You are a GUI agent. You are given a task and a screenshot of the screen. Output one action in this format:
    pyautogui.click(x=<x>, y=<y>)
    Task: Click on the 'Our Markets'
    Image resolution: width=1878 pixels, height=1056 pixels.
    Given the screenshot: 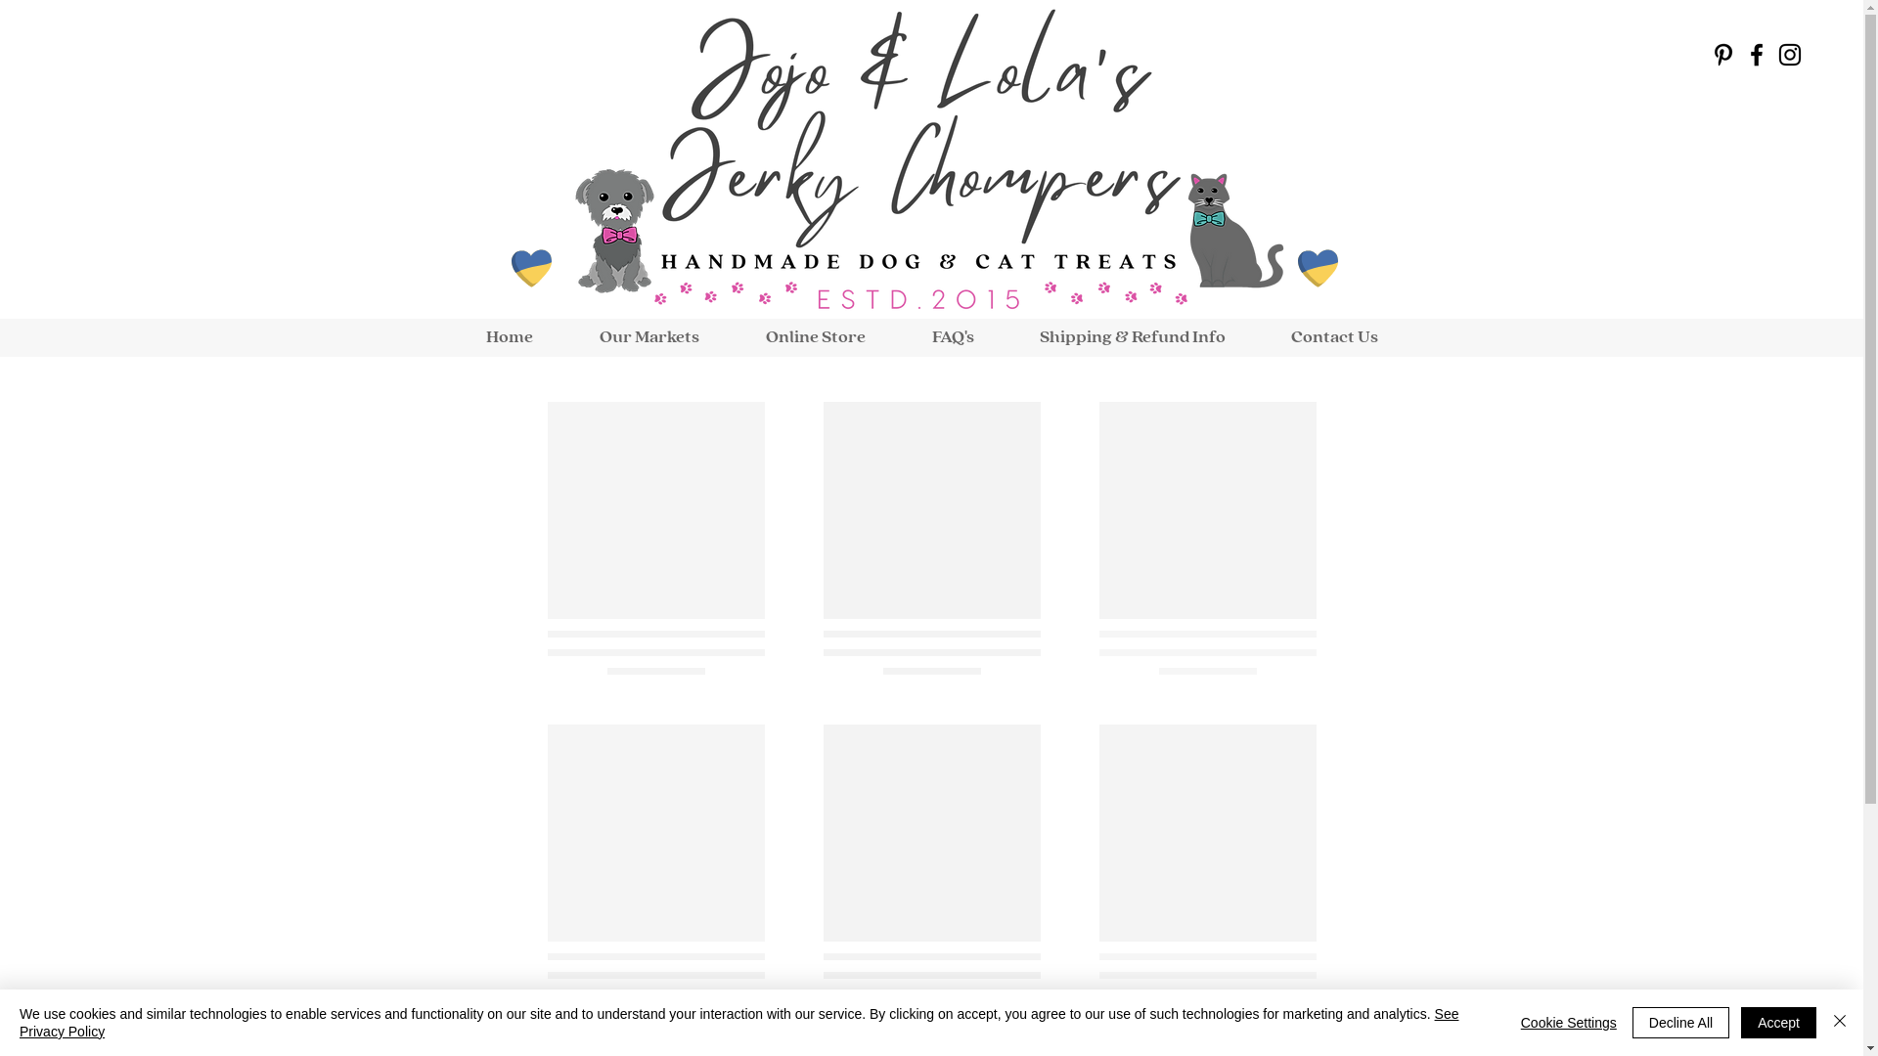 What is the action you would take?
    pyautogui.click(x=648, y=336)
    